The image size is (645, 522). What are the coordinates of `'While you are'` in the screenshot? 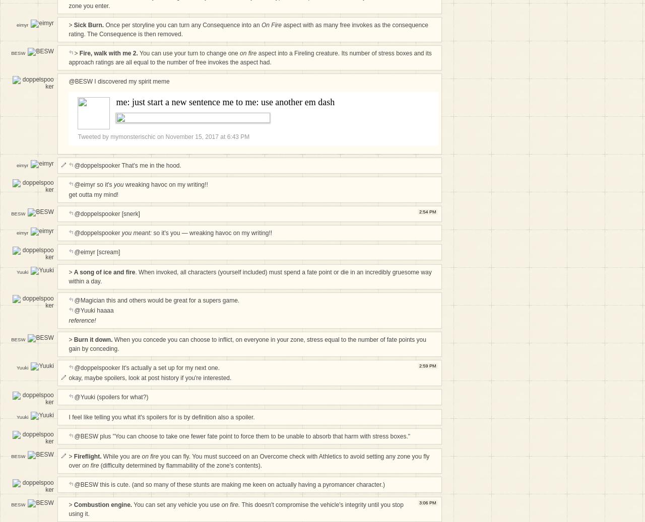 It's located at (121, 456).